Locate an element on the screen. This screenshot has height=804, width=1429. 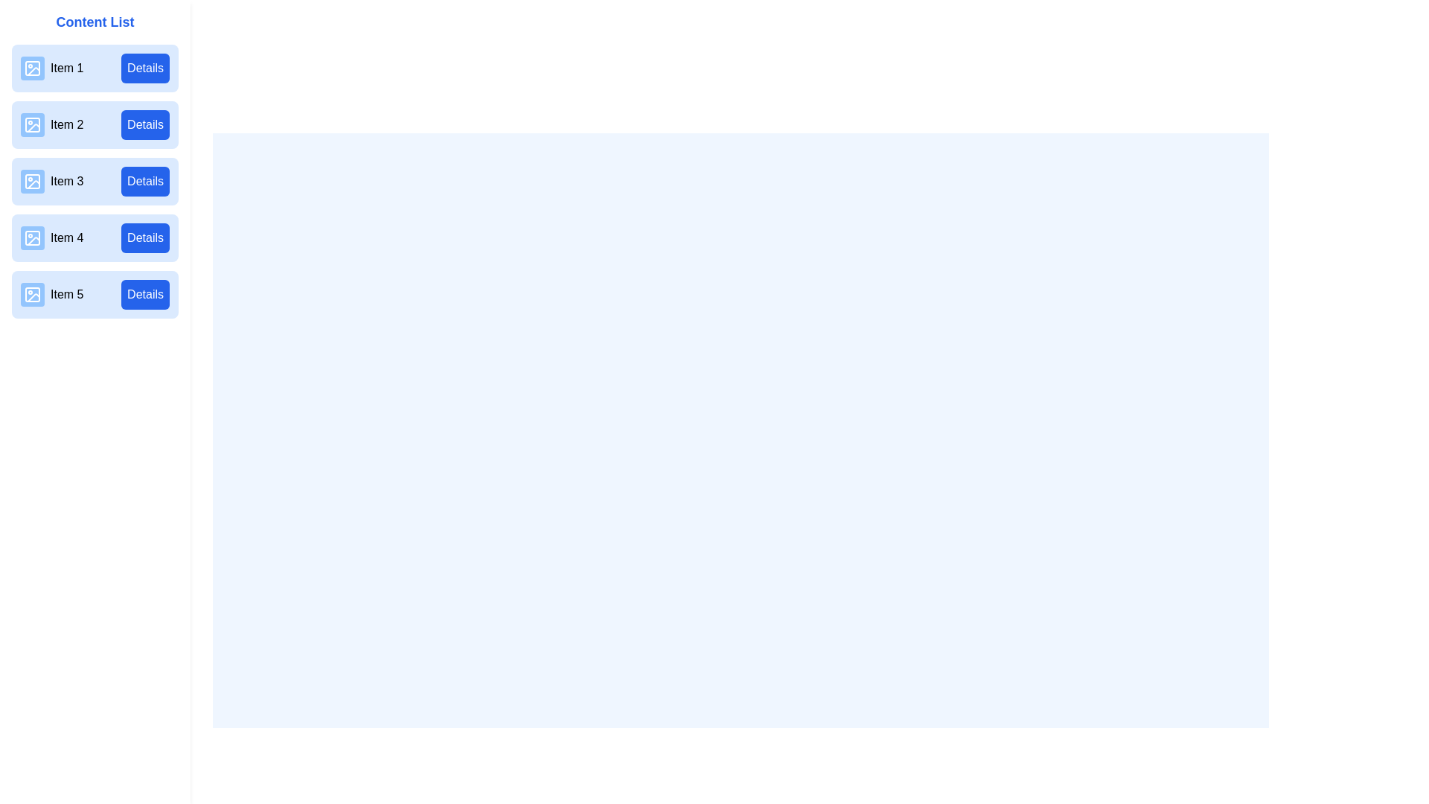
the text label displaying 'Item 3' which is centrally aligned in the third row of the content list, positioned between an icon and a 'Details' button is located at coordinates (66, 180).